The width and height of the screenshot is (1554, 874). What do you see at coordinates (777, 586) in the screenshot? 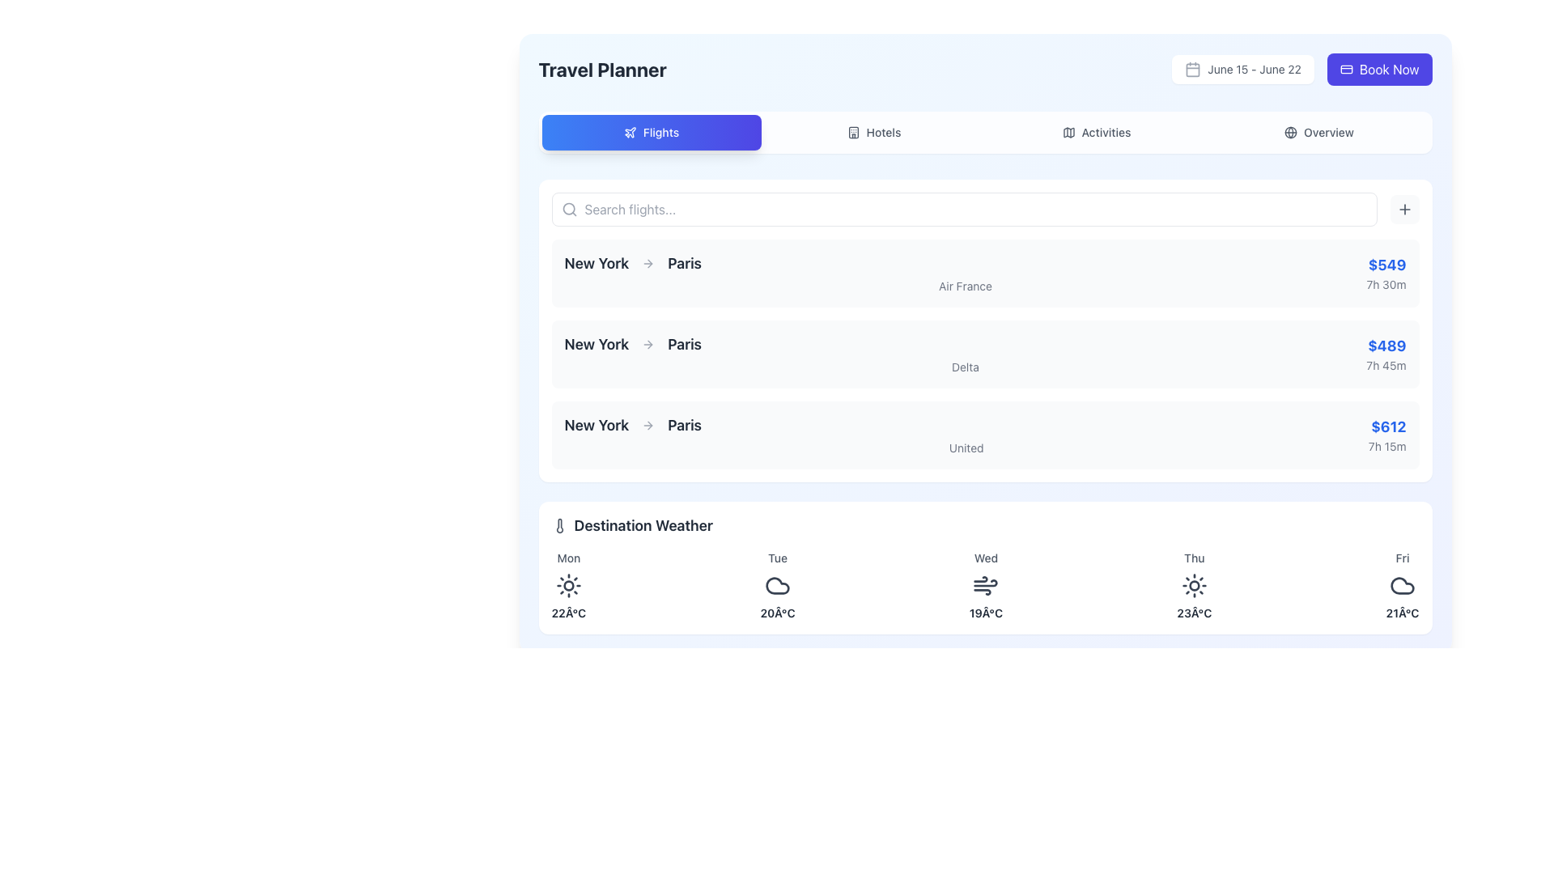
I see `the cloudy weather icon located in the weather forecast section beneath the 'Tuesday' column` at bounding box center [777, 586].